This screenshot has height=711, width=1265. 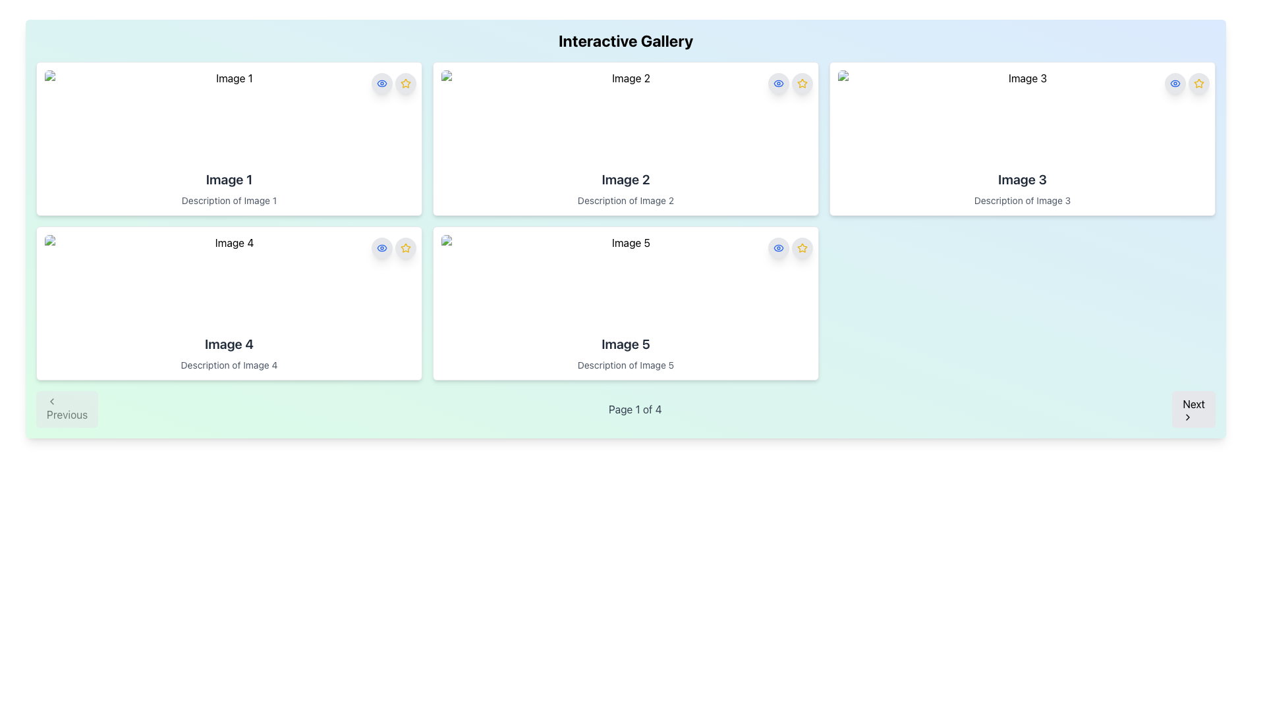 I want to click on the display card for 'Image 5', so click(x=625, y=303).